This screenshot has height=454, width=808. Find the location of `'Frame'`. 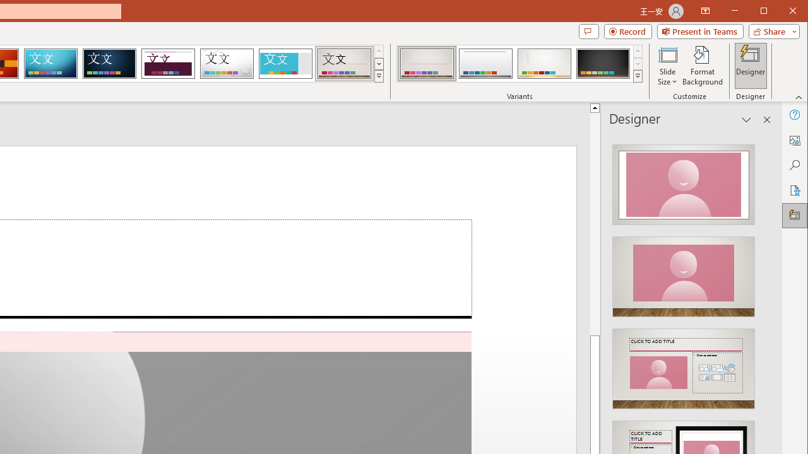

'Frame' is located at coordinates (285, 63).